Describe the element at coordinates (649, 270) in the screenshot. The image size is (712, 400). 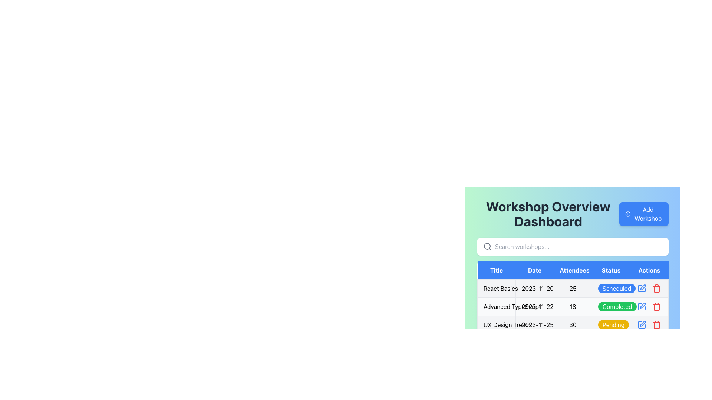
I see `the 'Actions' header cell, which is the fifth header in the grid layout, located at the far-right and preceded by the 'Status' header` at that location.